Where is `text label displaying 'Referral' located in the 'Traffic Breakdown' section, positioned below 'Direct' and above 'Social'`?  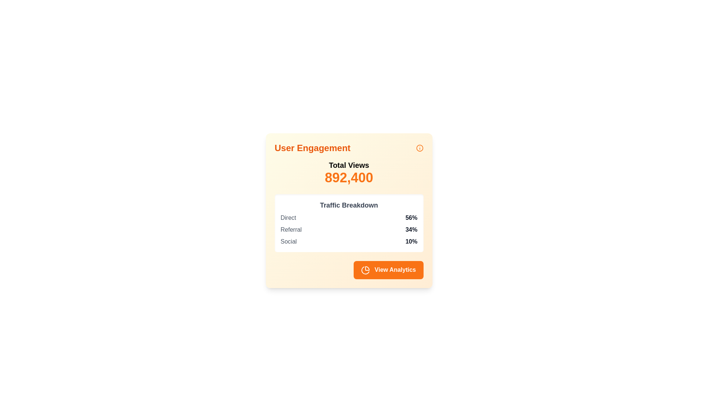
text label displaying 'Referral' located in the 'Traffic Breakdown' section, positioned below 'Direct' and above 'Social' is located at coordinates (290, 229).